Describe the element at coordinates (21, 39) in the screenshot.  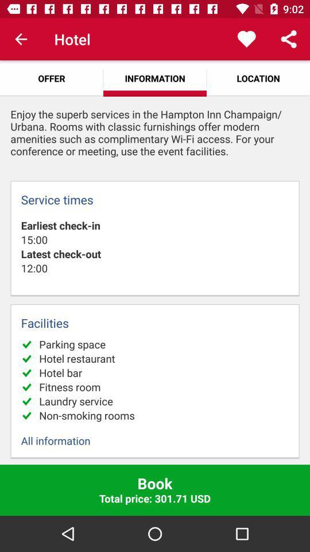
I see `icon next to hotel` at that location.